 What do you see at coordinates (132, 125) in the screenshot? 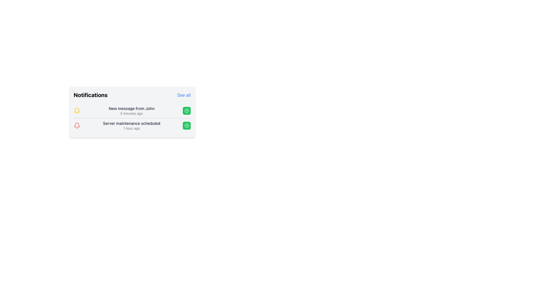
I see `the green checkmark icon on the notification titled 'Server maintenance scheduled' to mark it as read` at bounding box center [132, 125].